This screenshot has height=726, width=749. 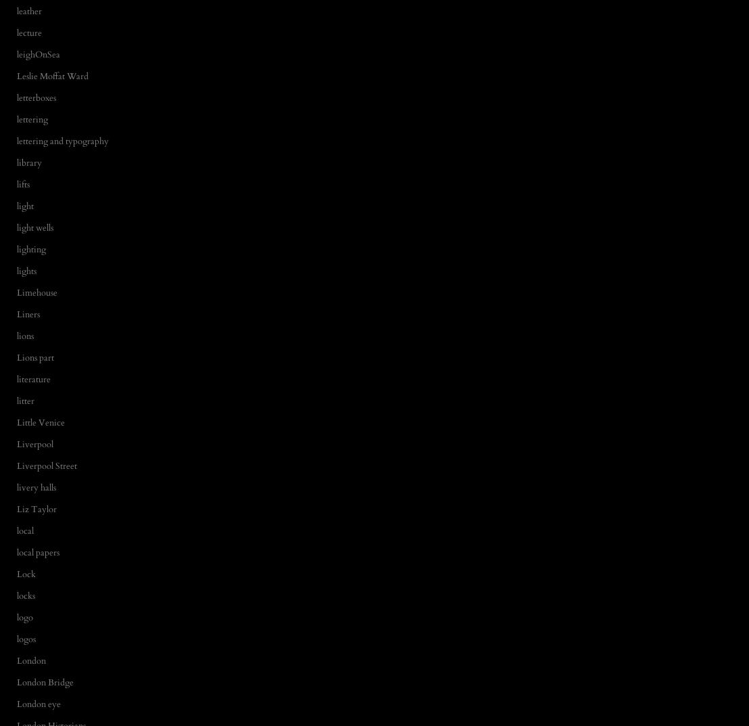 I want to click on 'leather', so click(x=29, y=9).